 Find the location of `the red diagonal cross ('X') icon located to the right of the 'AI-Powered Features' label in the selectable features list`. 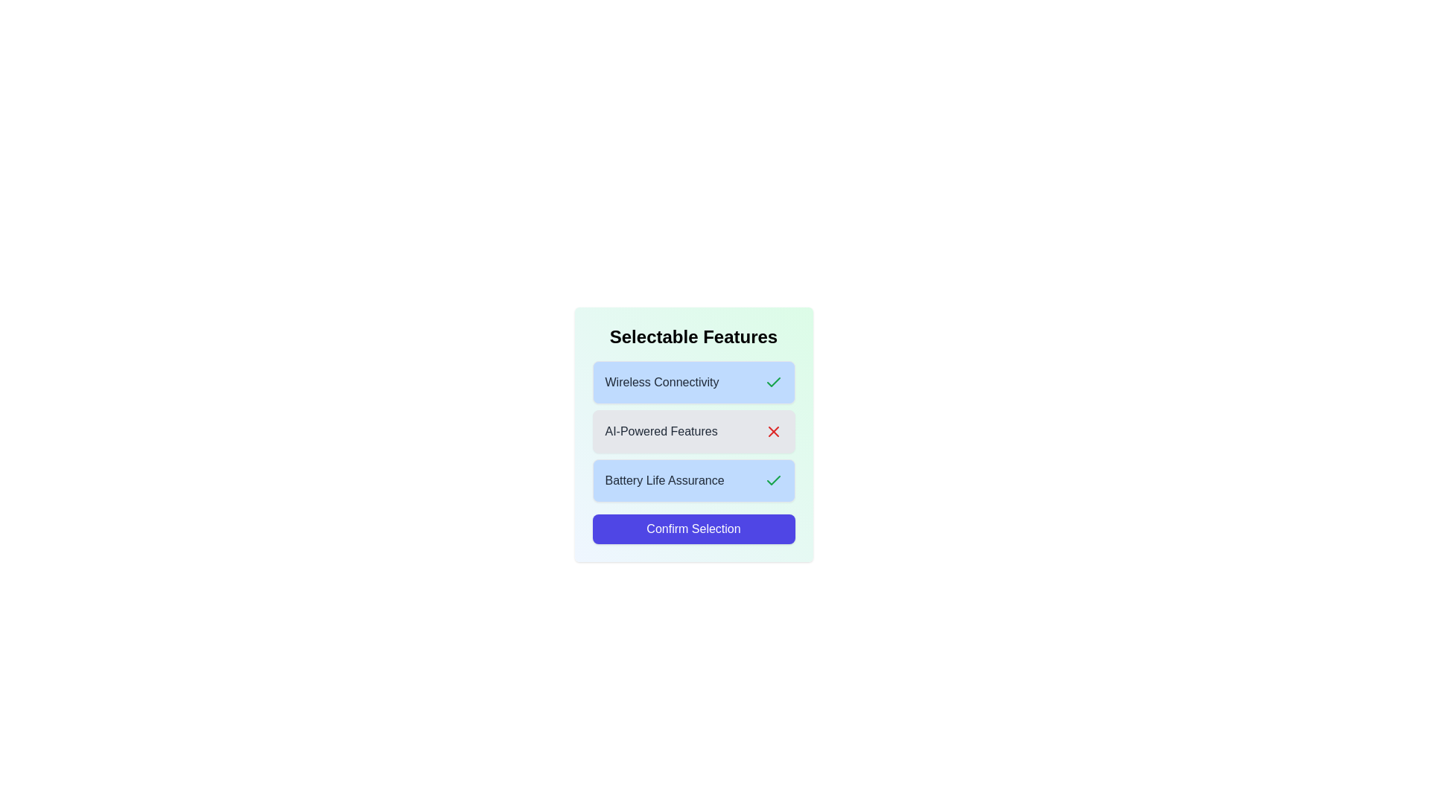

the red diagonal cross ('X') icon located to the right of the 'AI-Powered Features' label in the selectable features list is located at coordinates (773, 431).